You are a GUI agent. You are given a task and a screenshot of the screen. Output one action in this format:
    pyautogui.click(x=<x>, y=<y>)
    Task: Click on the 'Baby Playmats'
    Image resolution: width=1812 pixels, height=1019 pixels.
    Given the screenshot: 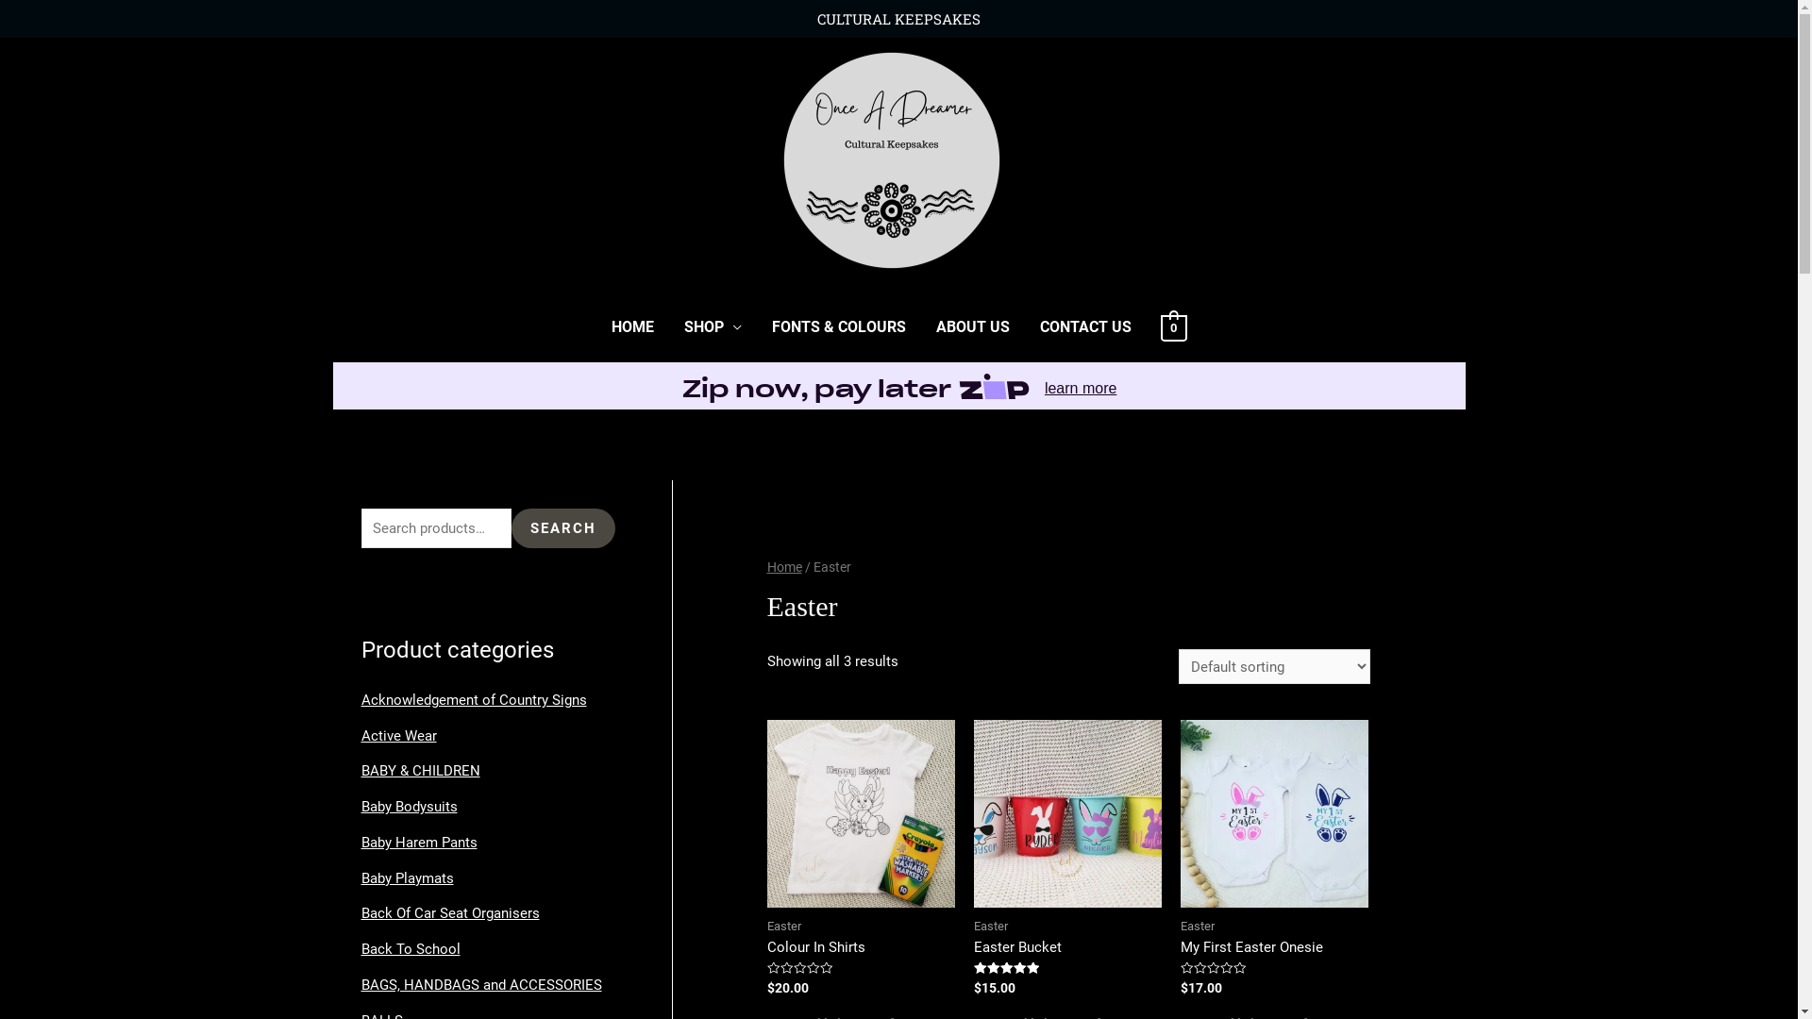 What is the action you would take?
    pyautogui.click(x=406, y=877)
    